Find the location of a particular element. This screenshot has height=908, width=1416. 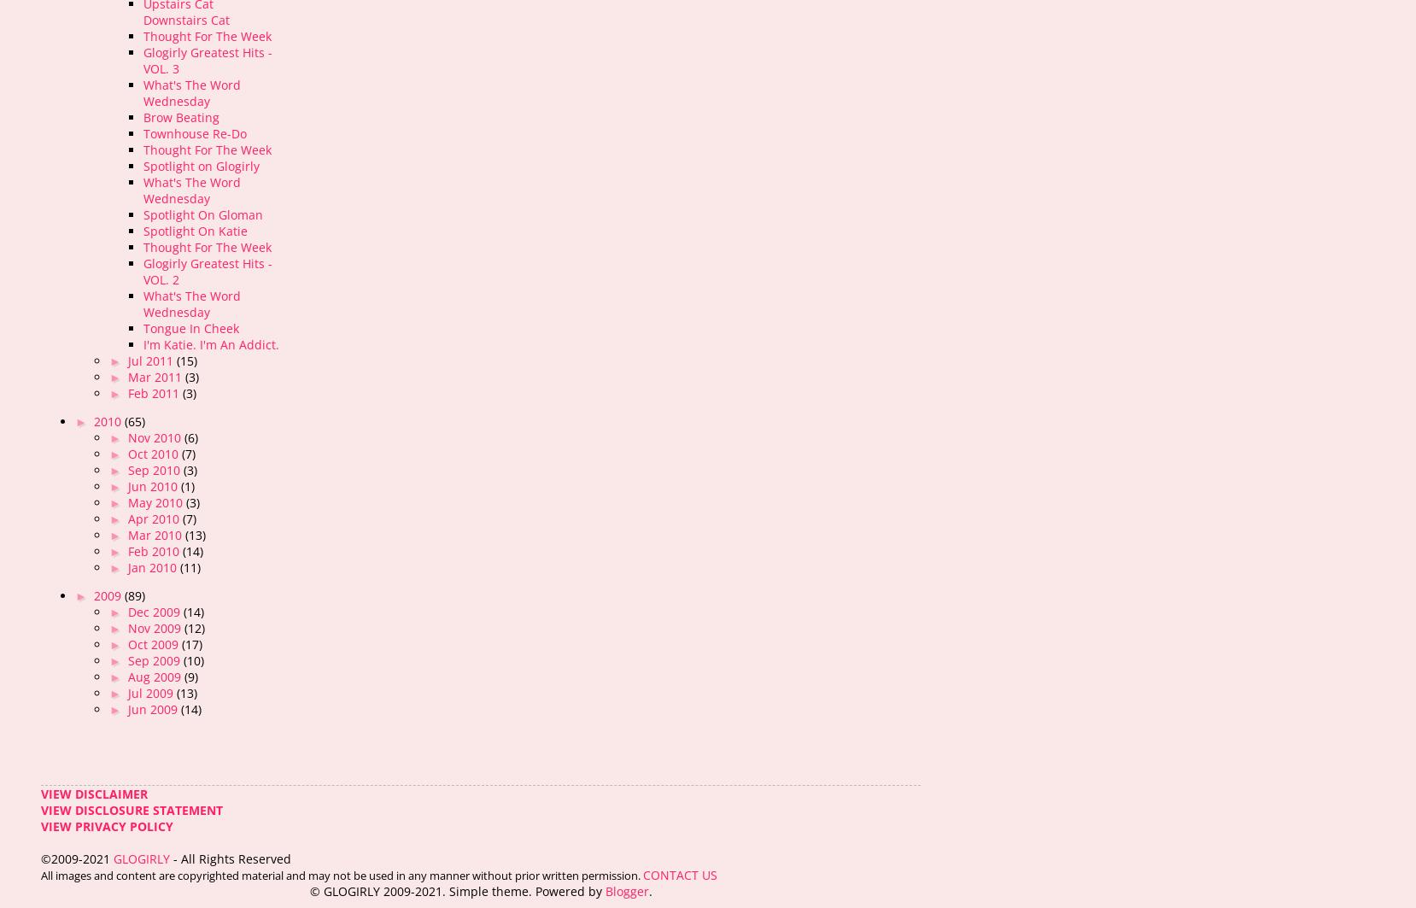

'All images and content are copyrighted material and may not be used in any manner without prior written permission.' is located at coordinates (341, 875).